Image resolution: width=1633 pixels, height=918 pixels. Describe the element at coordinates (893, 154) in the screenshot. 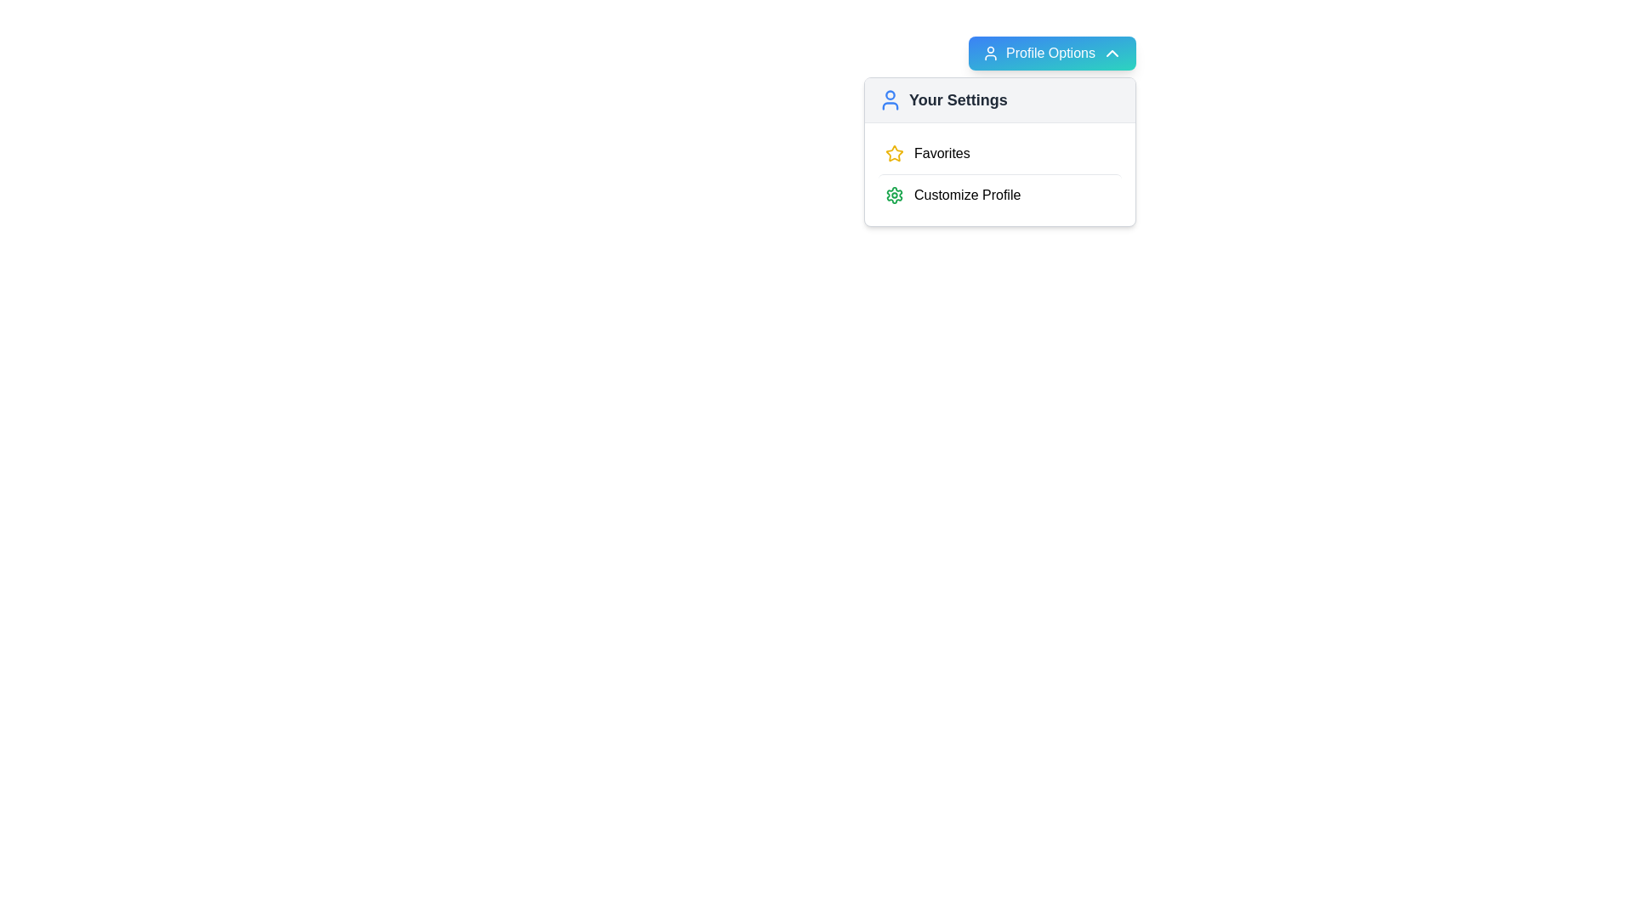

I see `the 'Favorites' icon located to the left of the 'Favorites' text in the menu` at that location.